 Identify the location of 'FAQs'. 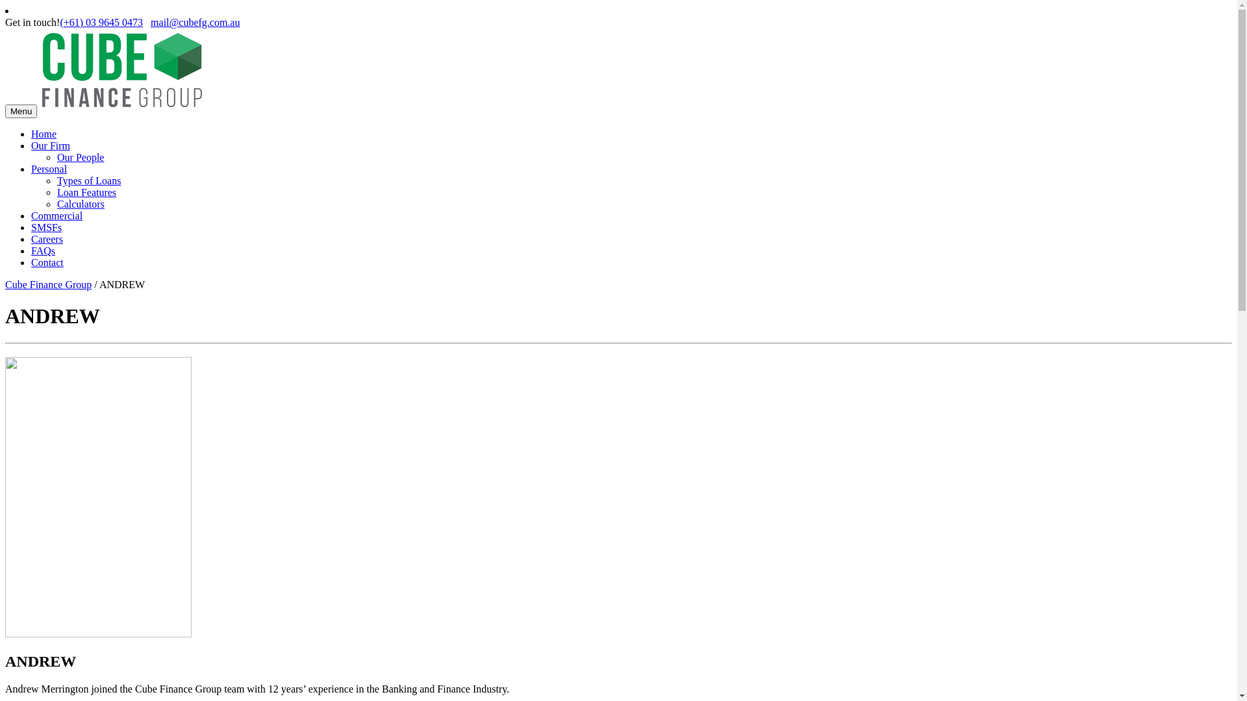
(31, 251).